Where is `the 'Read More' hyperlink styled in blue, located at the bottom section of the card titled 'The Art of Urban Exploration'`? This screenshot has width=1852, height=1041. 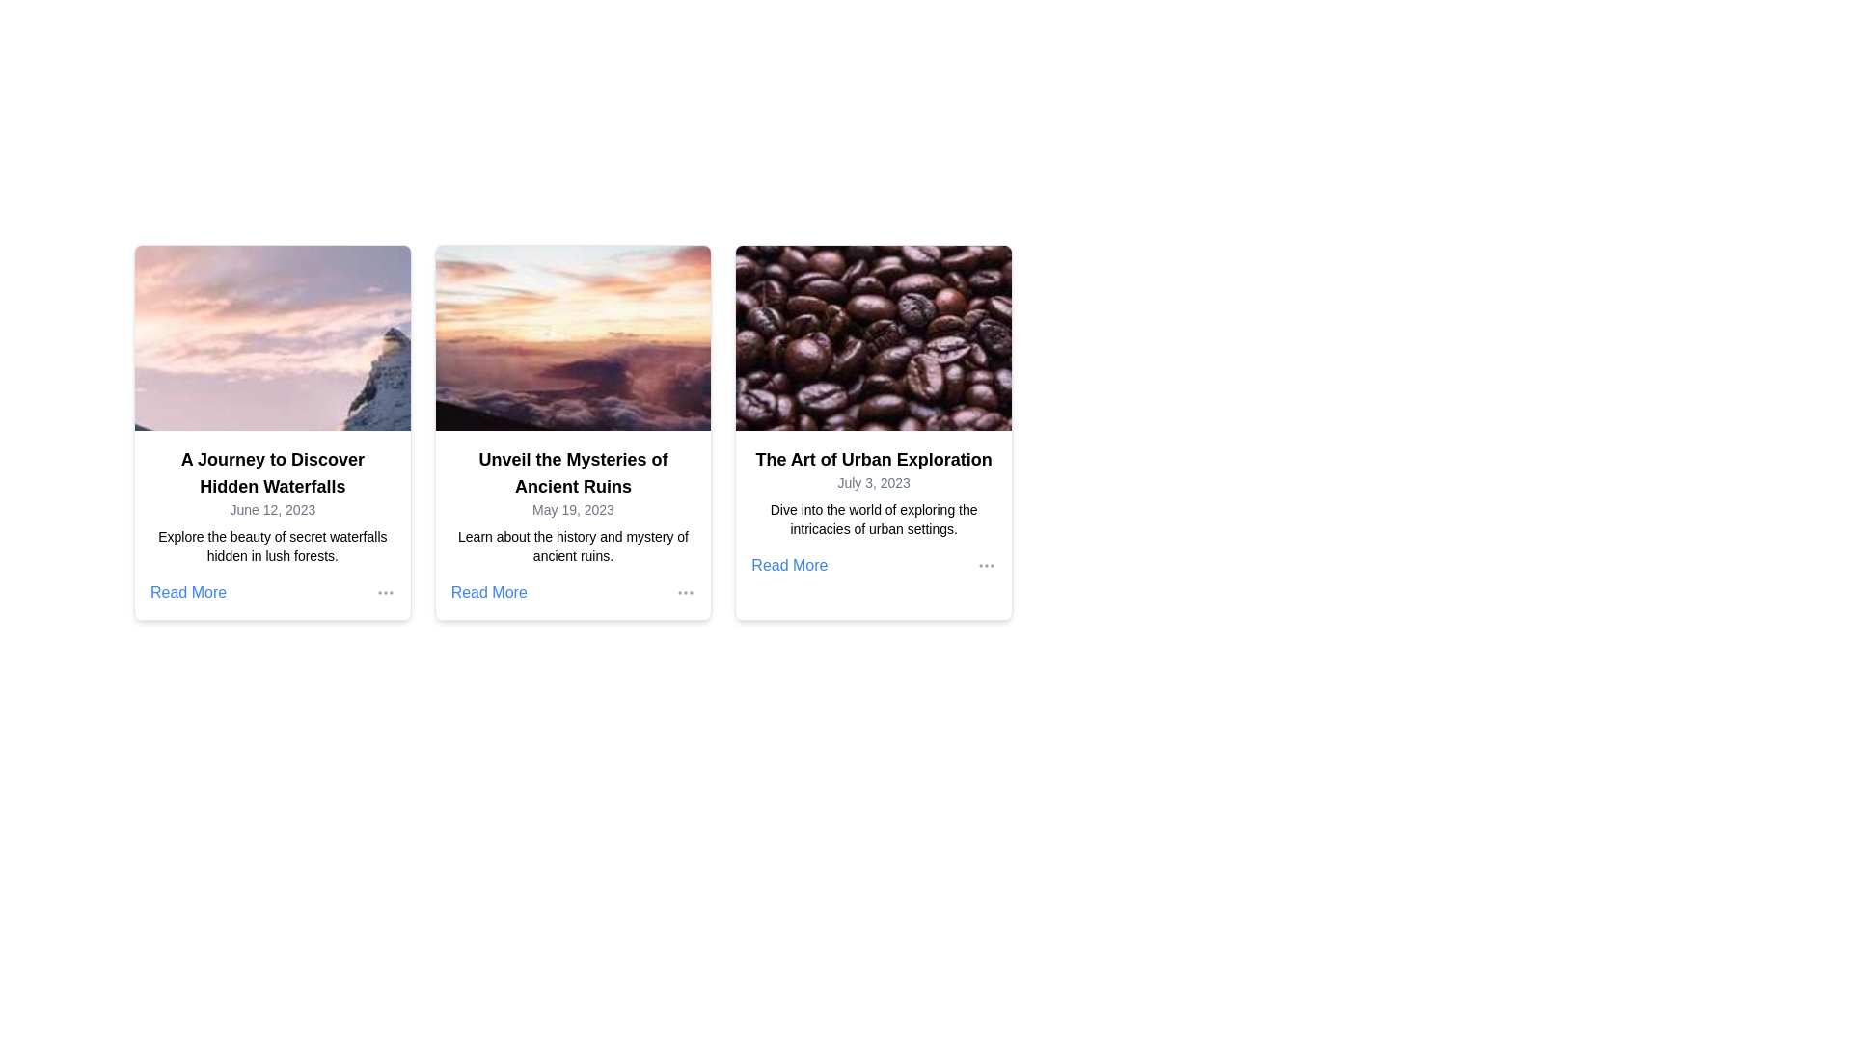
the 'Read More' hyperlink styled in blue, located at the bottom section of the card titled 'The Art of Urban Exploration' is located at coordinates (873, 564).